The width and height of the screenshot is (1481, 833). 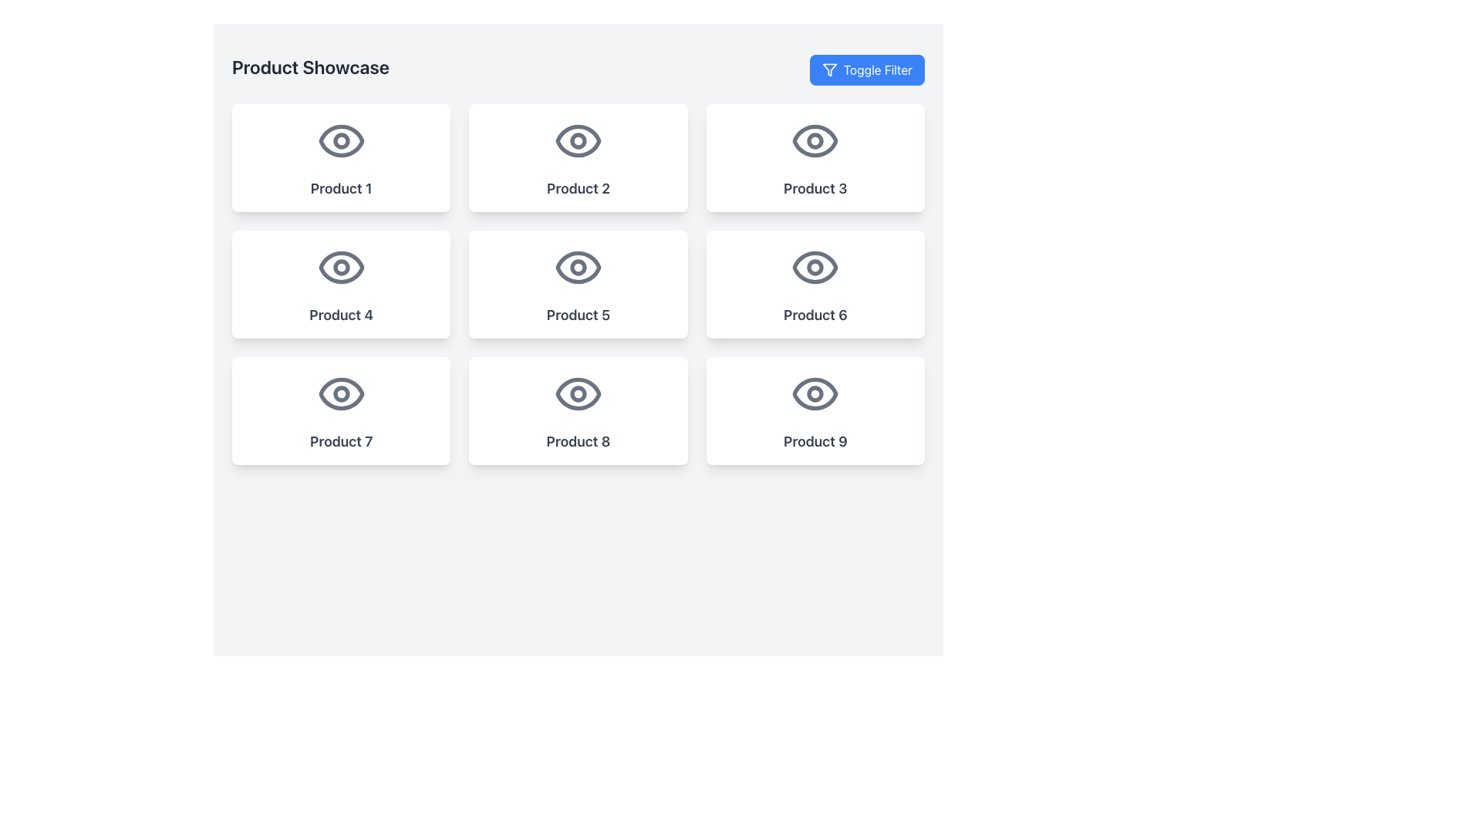 What do you see at coordinates (577, 393) in the screenshot?
I see `the eye icon located at the center of the 'Product 8' box, which is styled in gray and positioned above the product label` at bounding box center [577, 393].